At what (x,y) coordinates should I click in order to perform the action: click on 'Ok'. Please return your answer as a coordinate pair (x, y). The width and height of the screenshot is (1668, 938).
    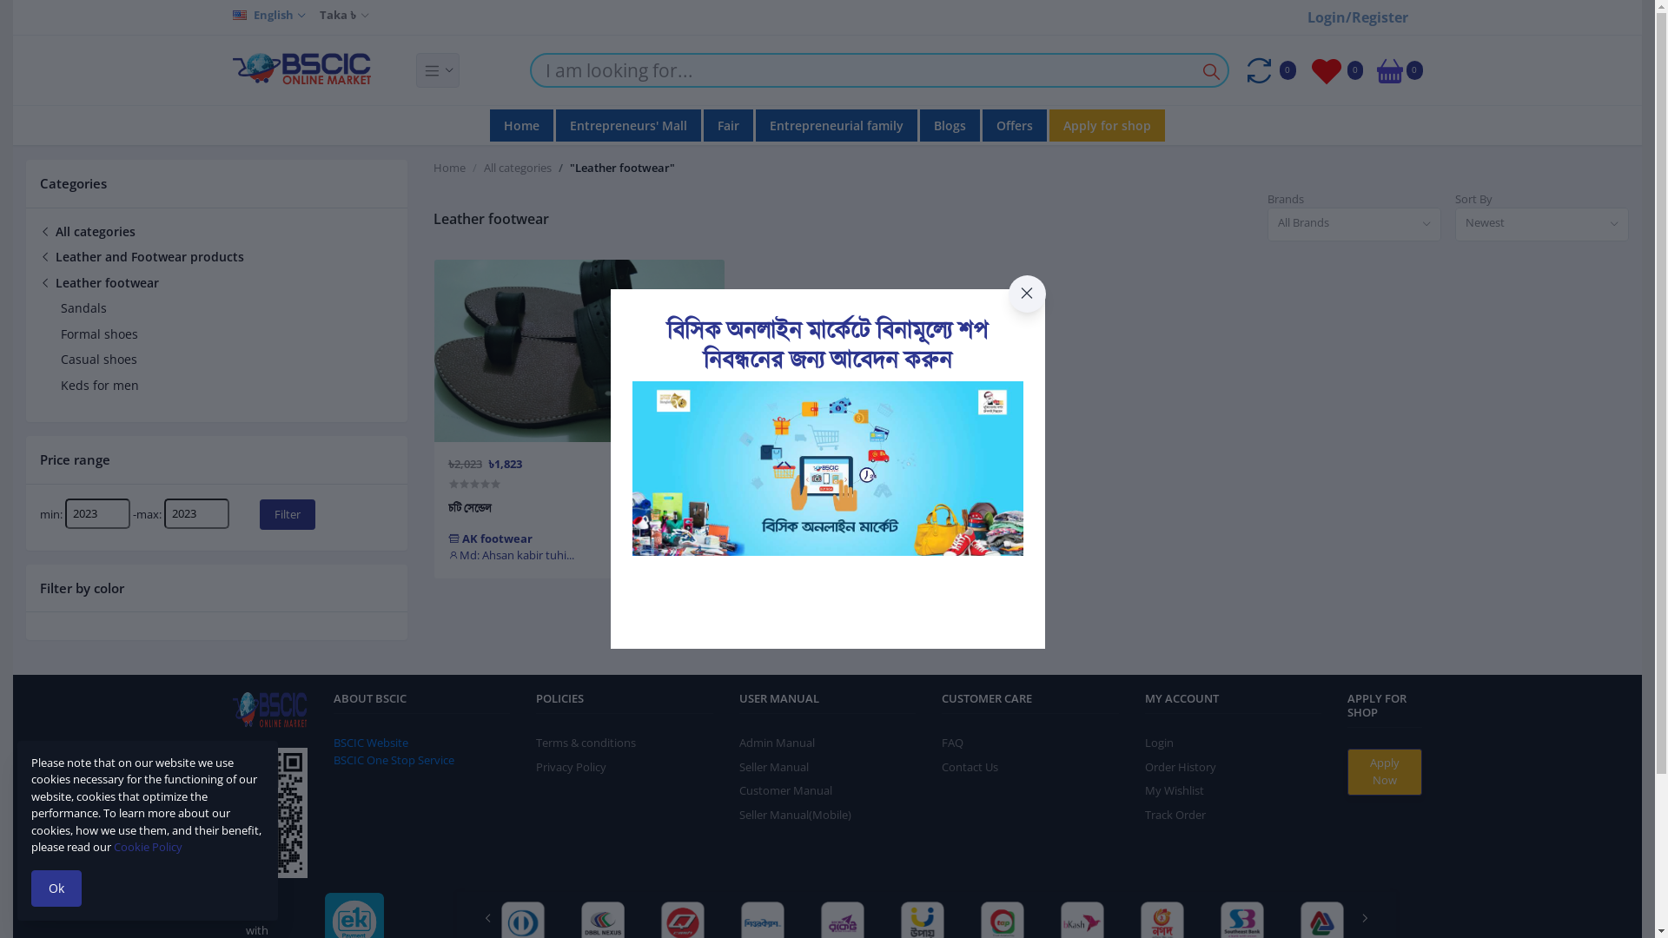
    Looking at the image, I should click on (56, 888).